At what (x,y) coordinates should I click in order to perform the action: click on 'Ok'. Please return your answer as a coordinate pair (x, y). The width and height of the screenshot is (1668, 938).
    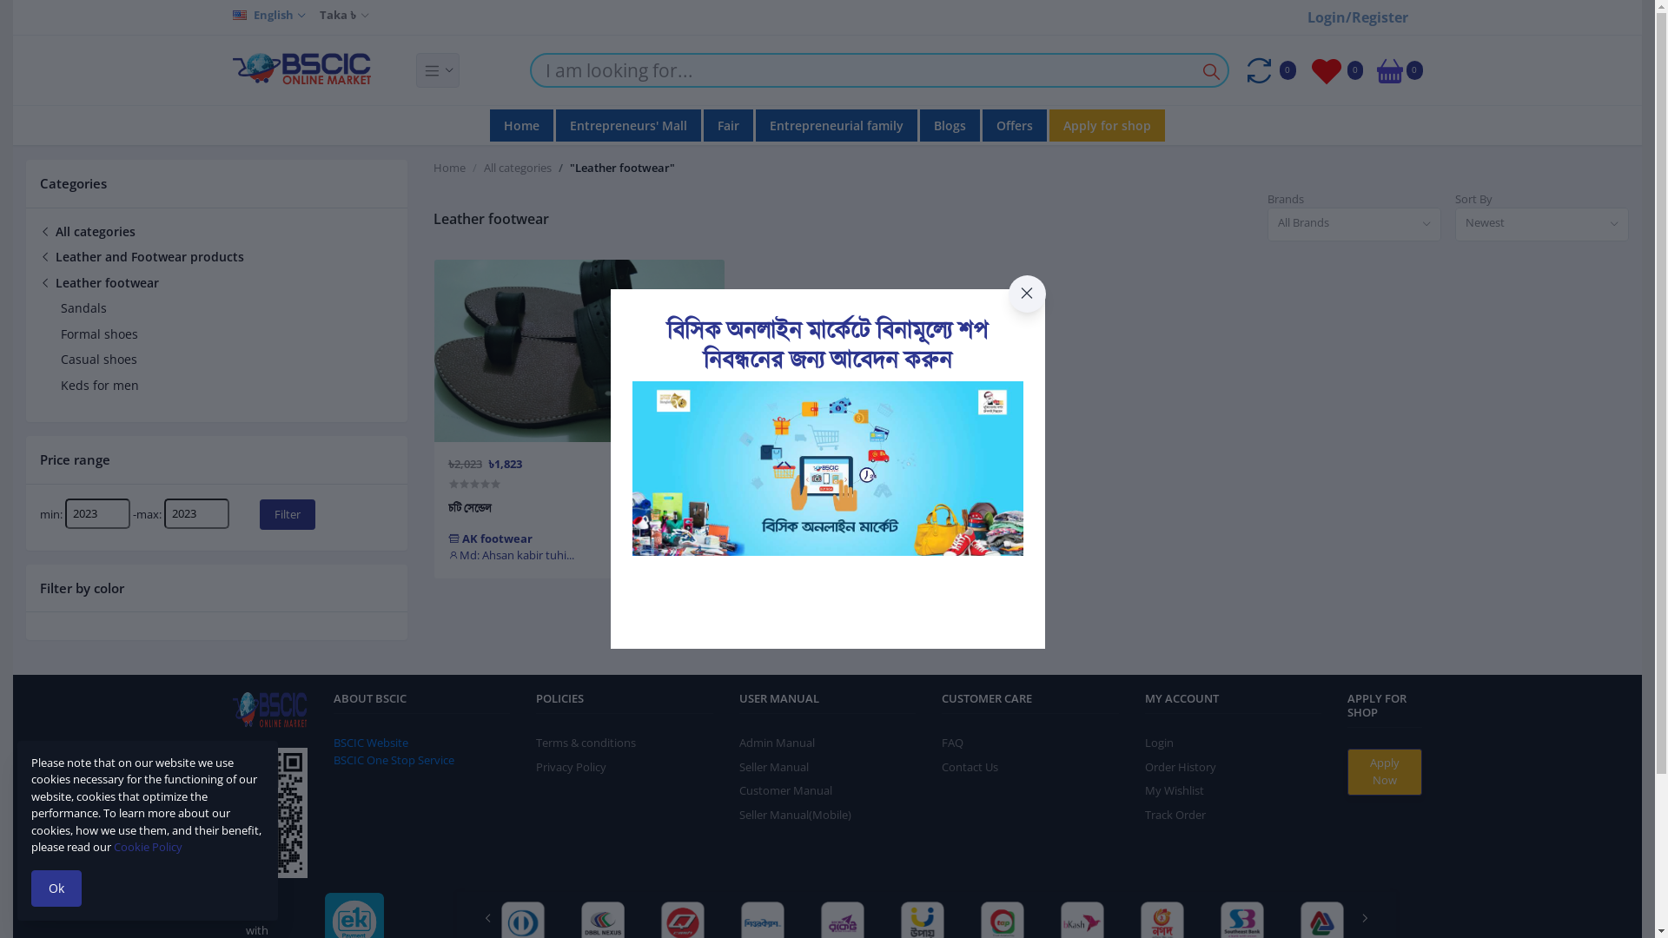
    Looking at the image, I should click on (56, 888).